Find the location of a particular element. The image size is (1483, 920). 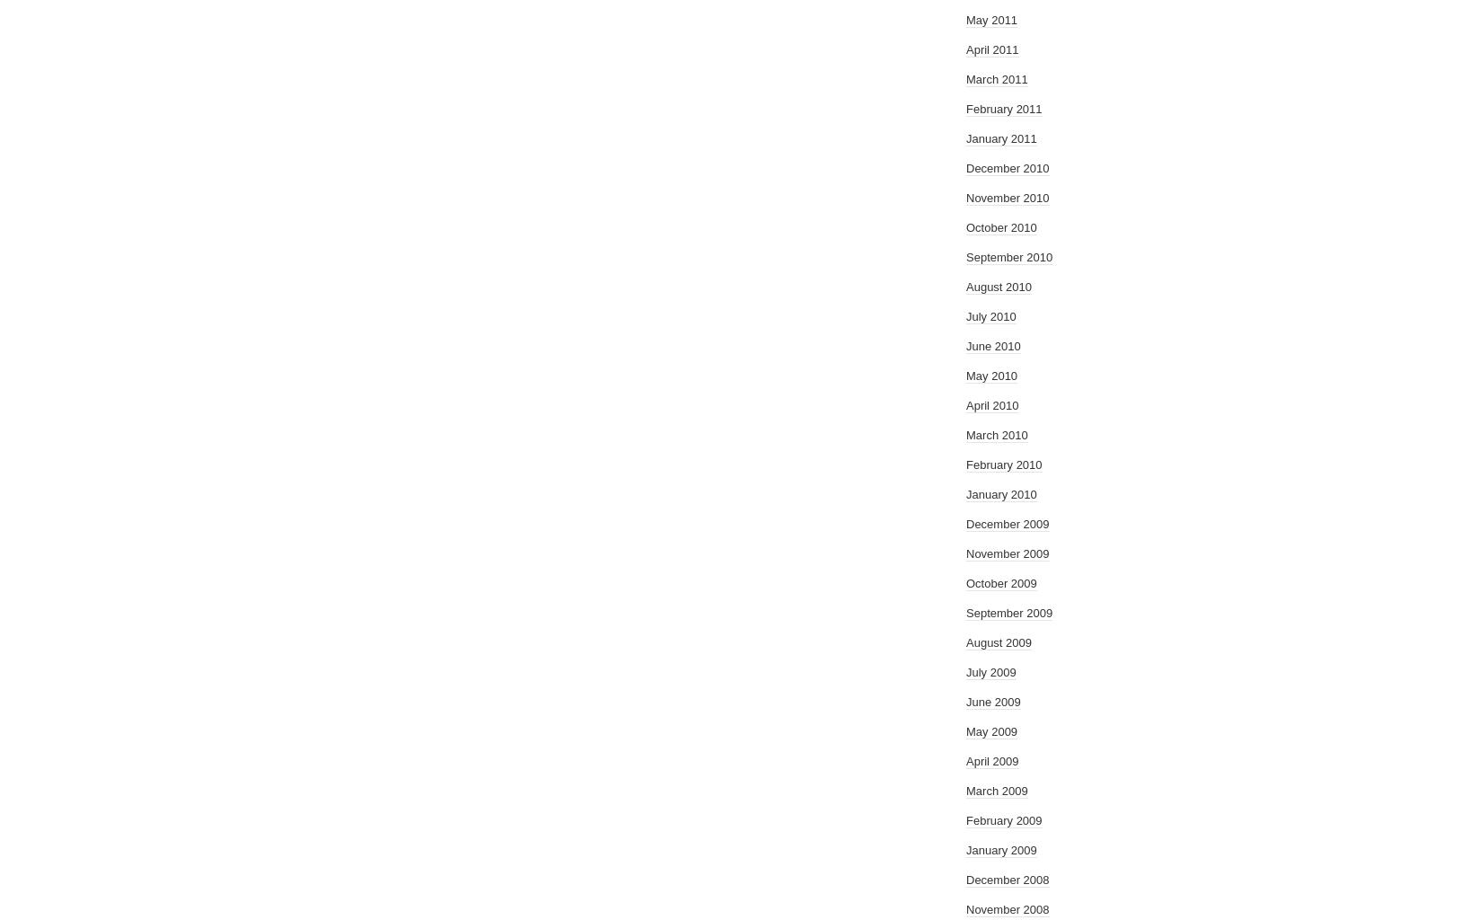

'July 2010' is located at coordinates (965, 316).